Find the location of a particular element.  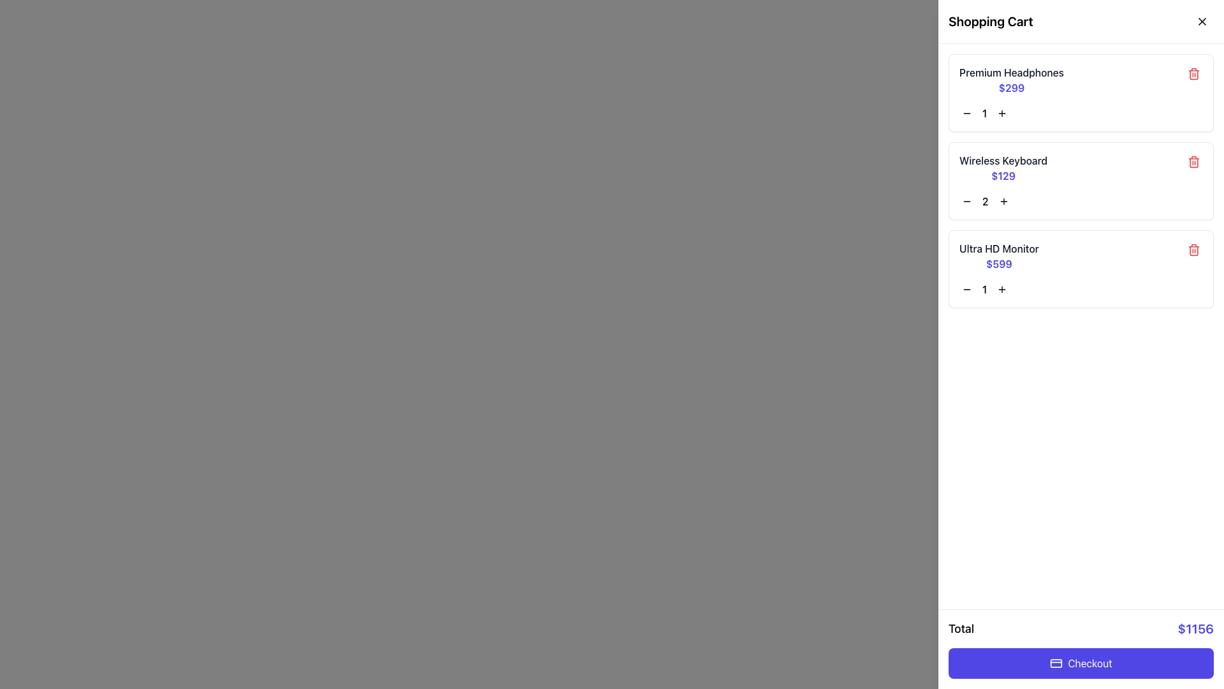

the small circular close button with a cross symbol, located at the top right corner of the shopping cart panel is located at coordinates (1202, 22).